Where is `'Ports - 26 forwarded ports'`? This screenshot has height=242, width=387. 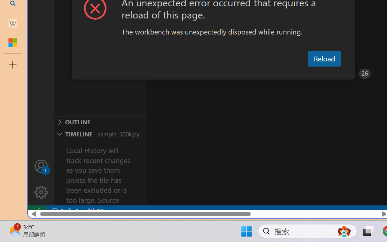
'Ports - 26 forwarded ports' is located at coordinates (352, 73).